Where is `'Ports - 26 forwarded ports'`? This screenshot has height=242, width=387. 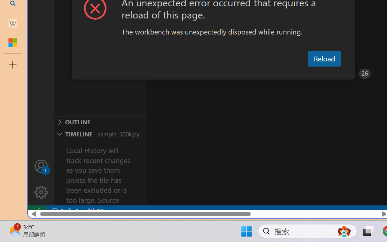
'Ports - 26 forwarded ports' is located at coordinates (352, 73).